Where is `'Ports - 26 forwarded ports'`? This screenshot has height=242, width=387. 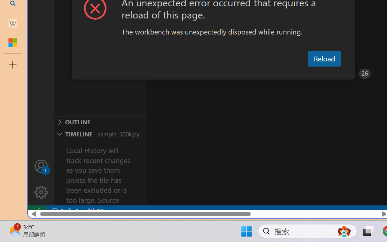
'Ports - 26 forwarded ports' is located at coordinates (352, 73).